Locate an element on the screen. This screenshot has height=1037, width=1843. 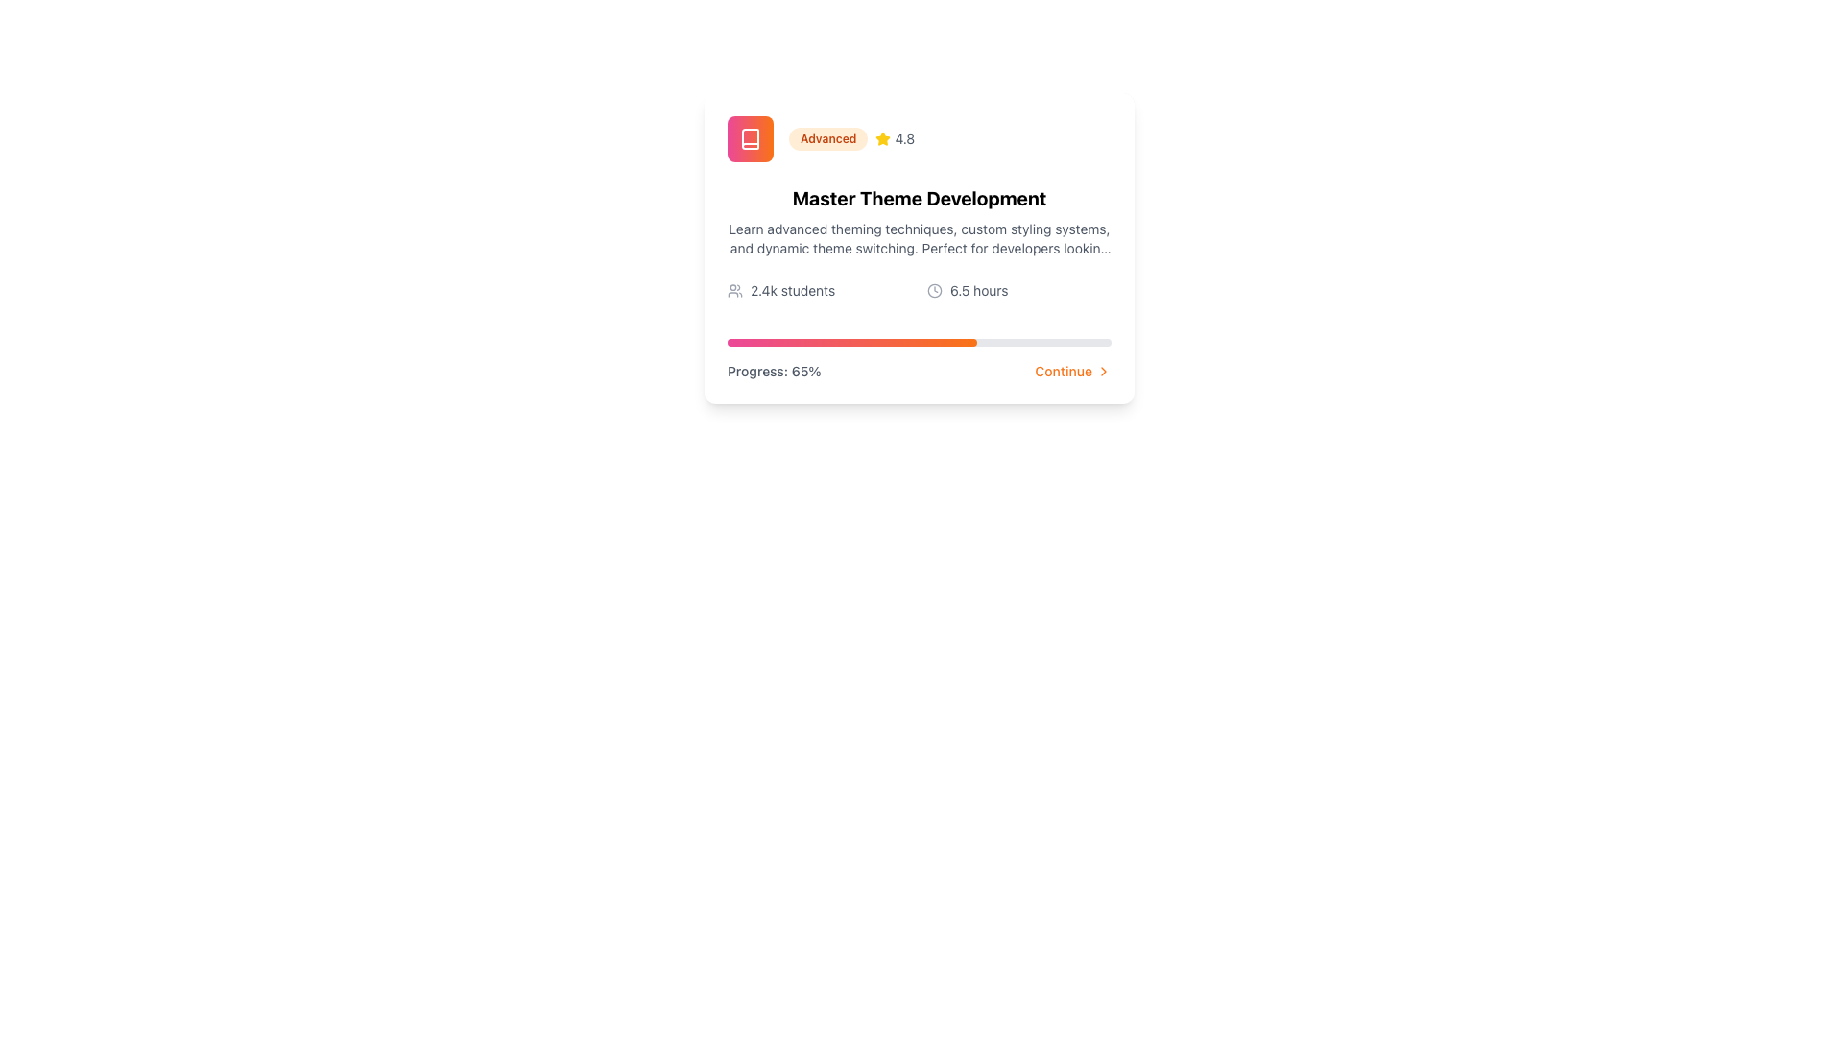
the progress status of the progress bar, which visually represents the completion percentage above the 'Progress: 65%' text and 'Continue' button is located at coordinates (919, 342).